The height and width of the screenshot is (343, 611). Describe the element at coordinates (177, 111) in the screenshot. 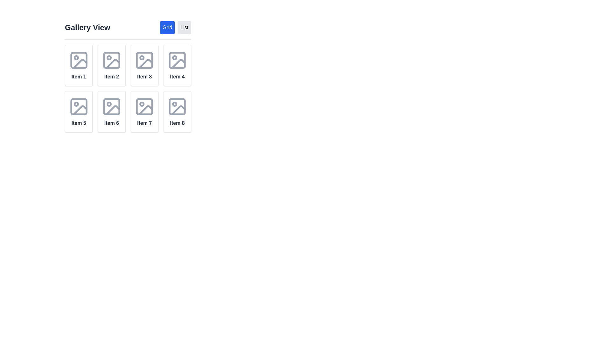

I see `the Card Component, which is the eighth item in a grid layout located in the bottom-right corner of the grid` at that location.